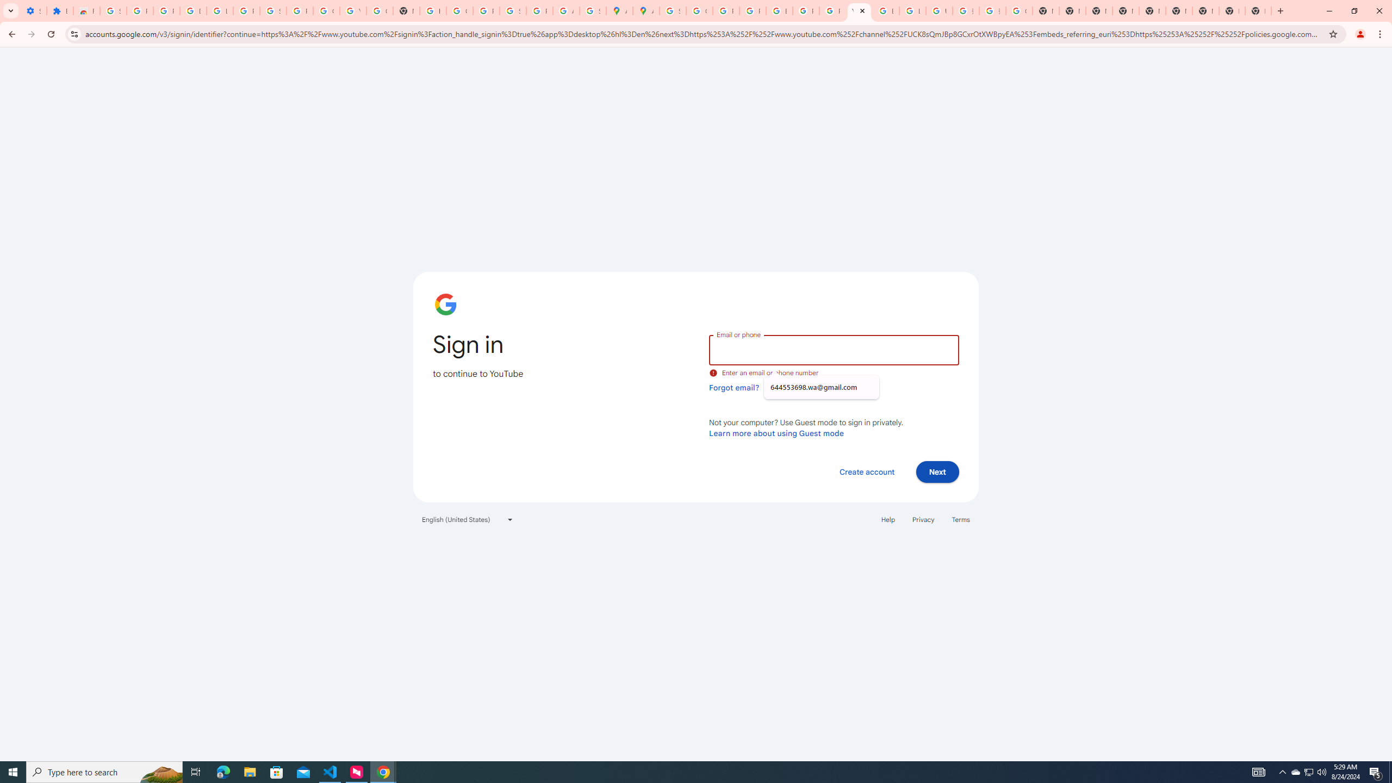  I want to click on 'Sign in - Google Accounts', so click(113, 10).